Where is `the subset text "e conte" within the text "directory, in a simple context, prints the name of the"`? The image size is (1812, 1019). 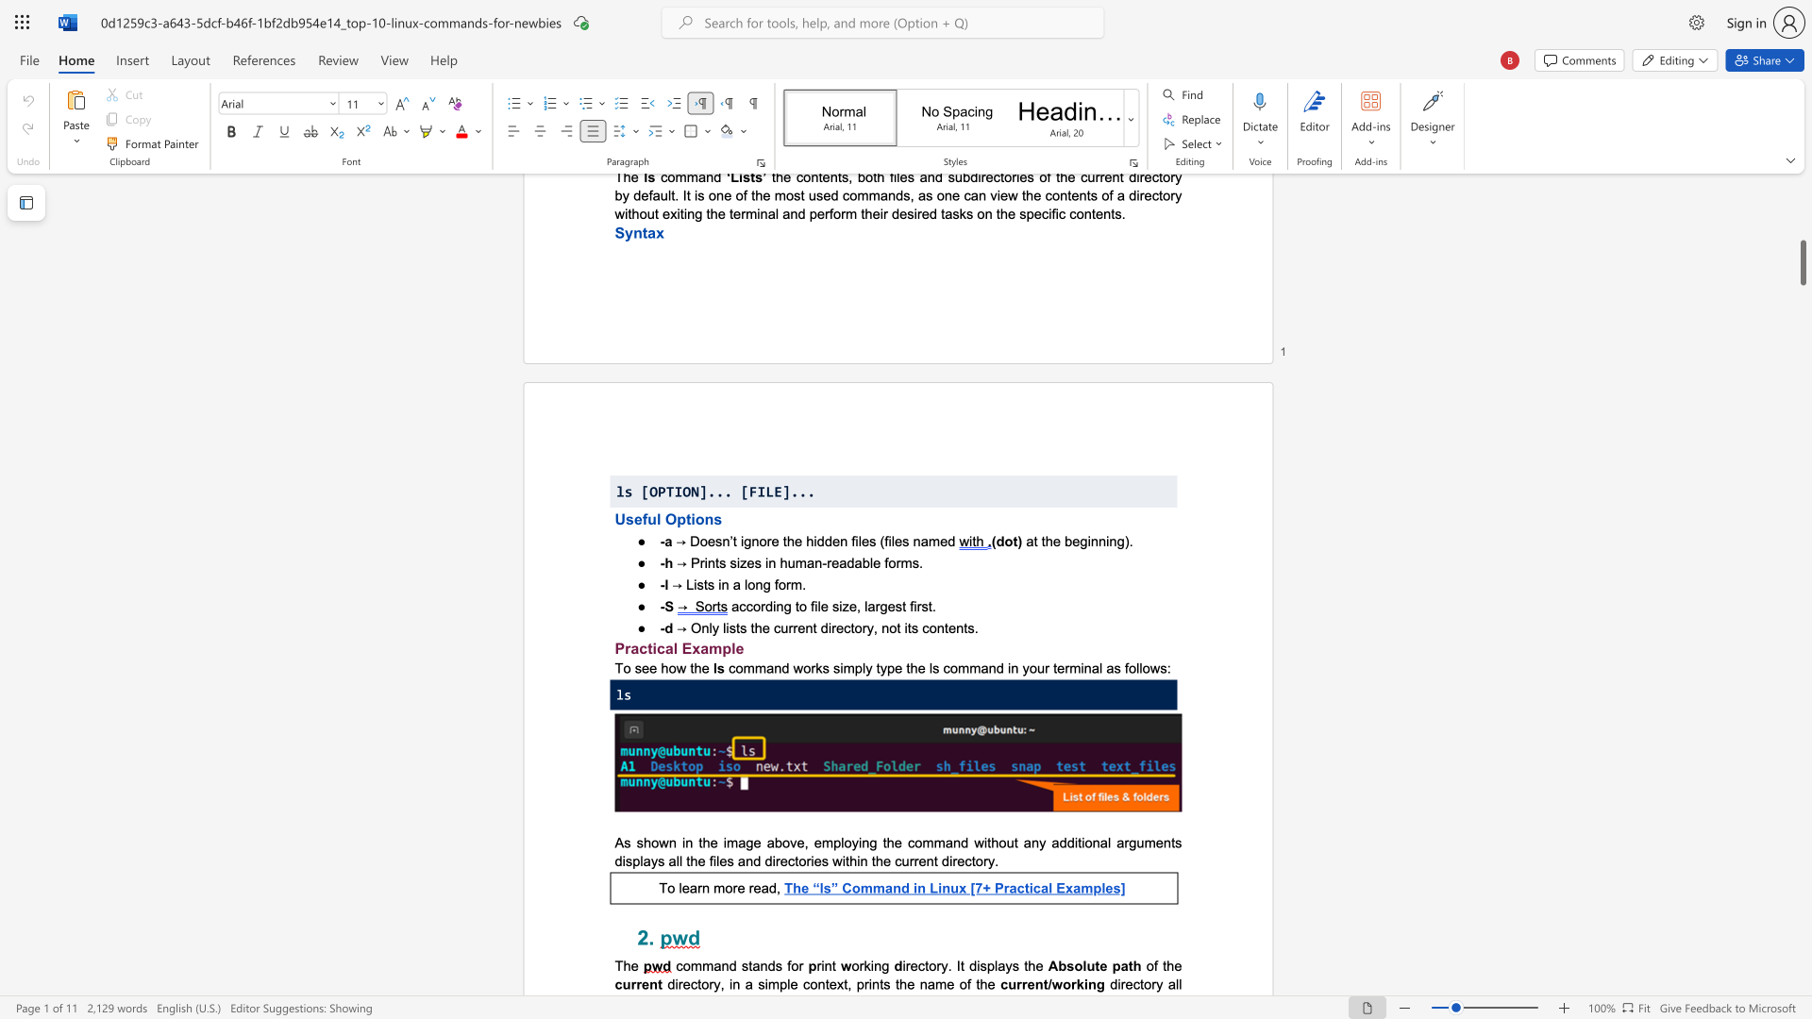 the subset text "e conte" within the text "directory, in a simple context, prints the name of the" is located at coordinates (790, 983).